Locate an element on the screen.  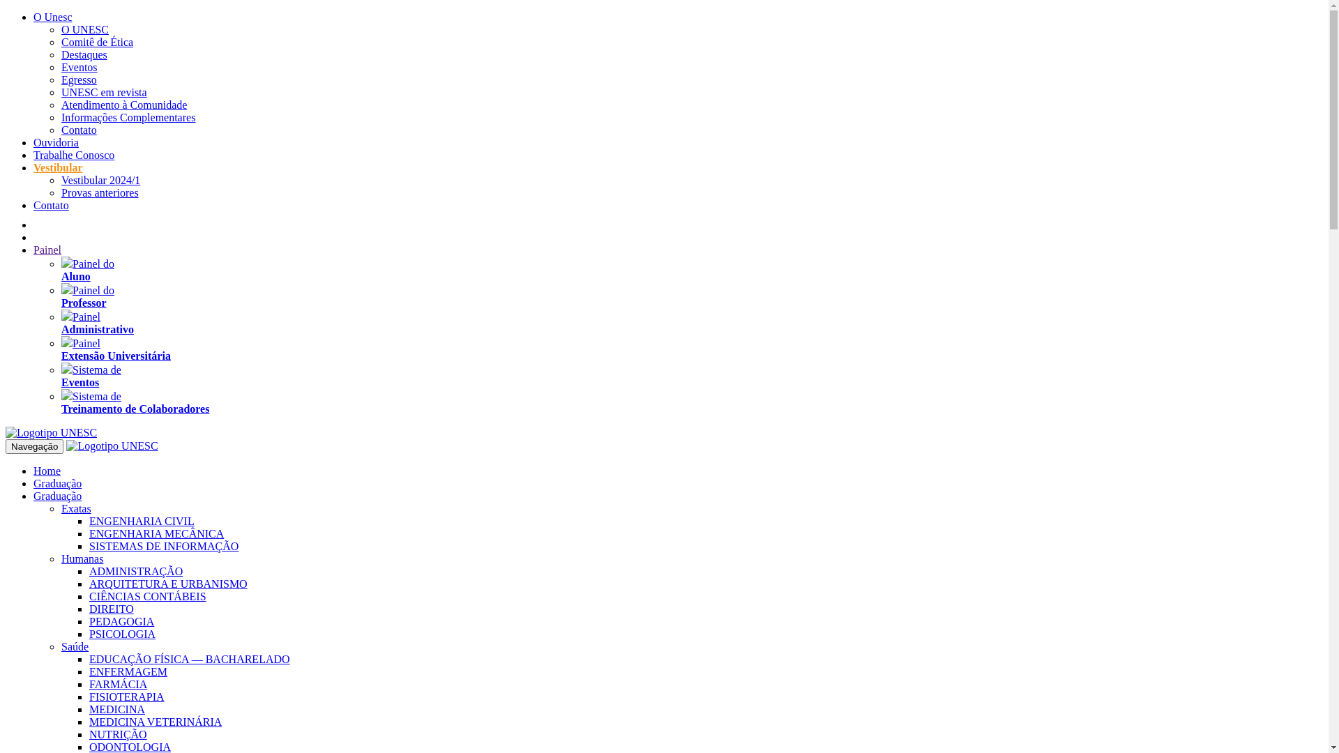
'O UNESC' is located at coordinates (60, 29).